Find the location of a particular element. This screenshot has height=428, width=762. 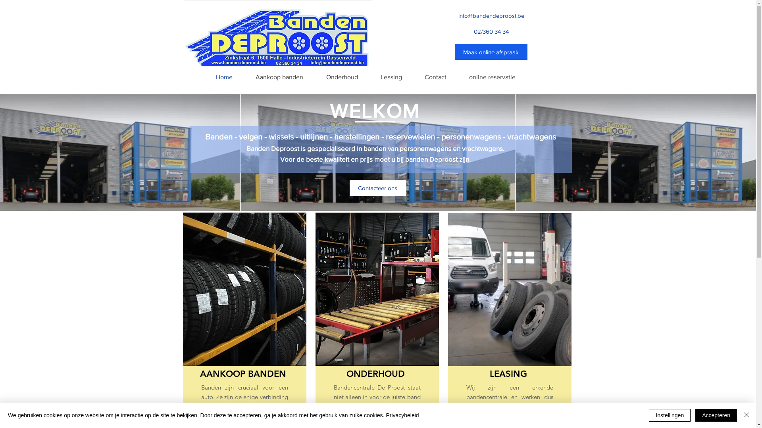

'Contacteer ons' is located at coordinates (377, 188).